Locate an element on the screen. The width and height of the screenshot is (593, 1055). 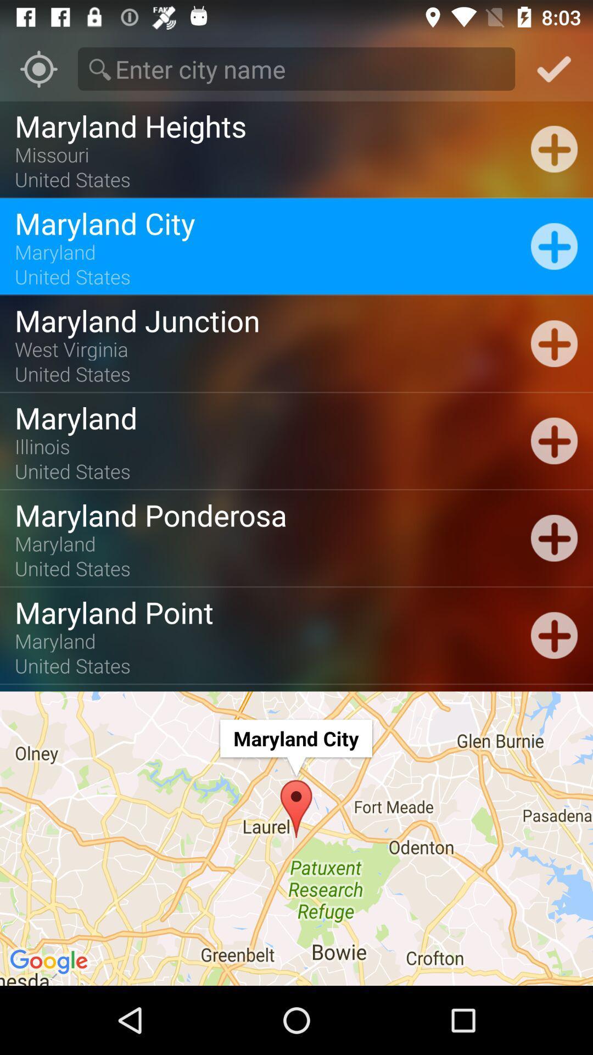
the 1st  plus icon is located at coordinates (554, 148).